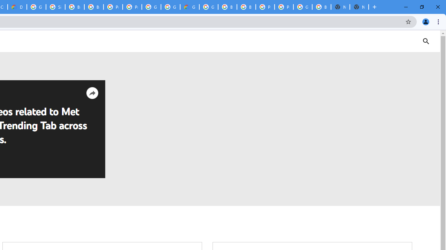 This screenshot has height=250, width=446. Describe the element at coordinates (190, 7) in the screenshot. I see `'Google Cloud Estimate Summary'` at that location.